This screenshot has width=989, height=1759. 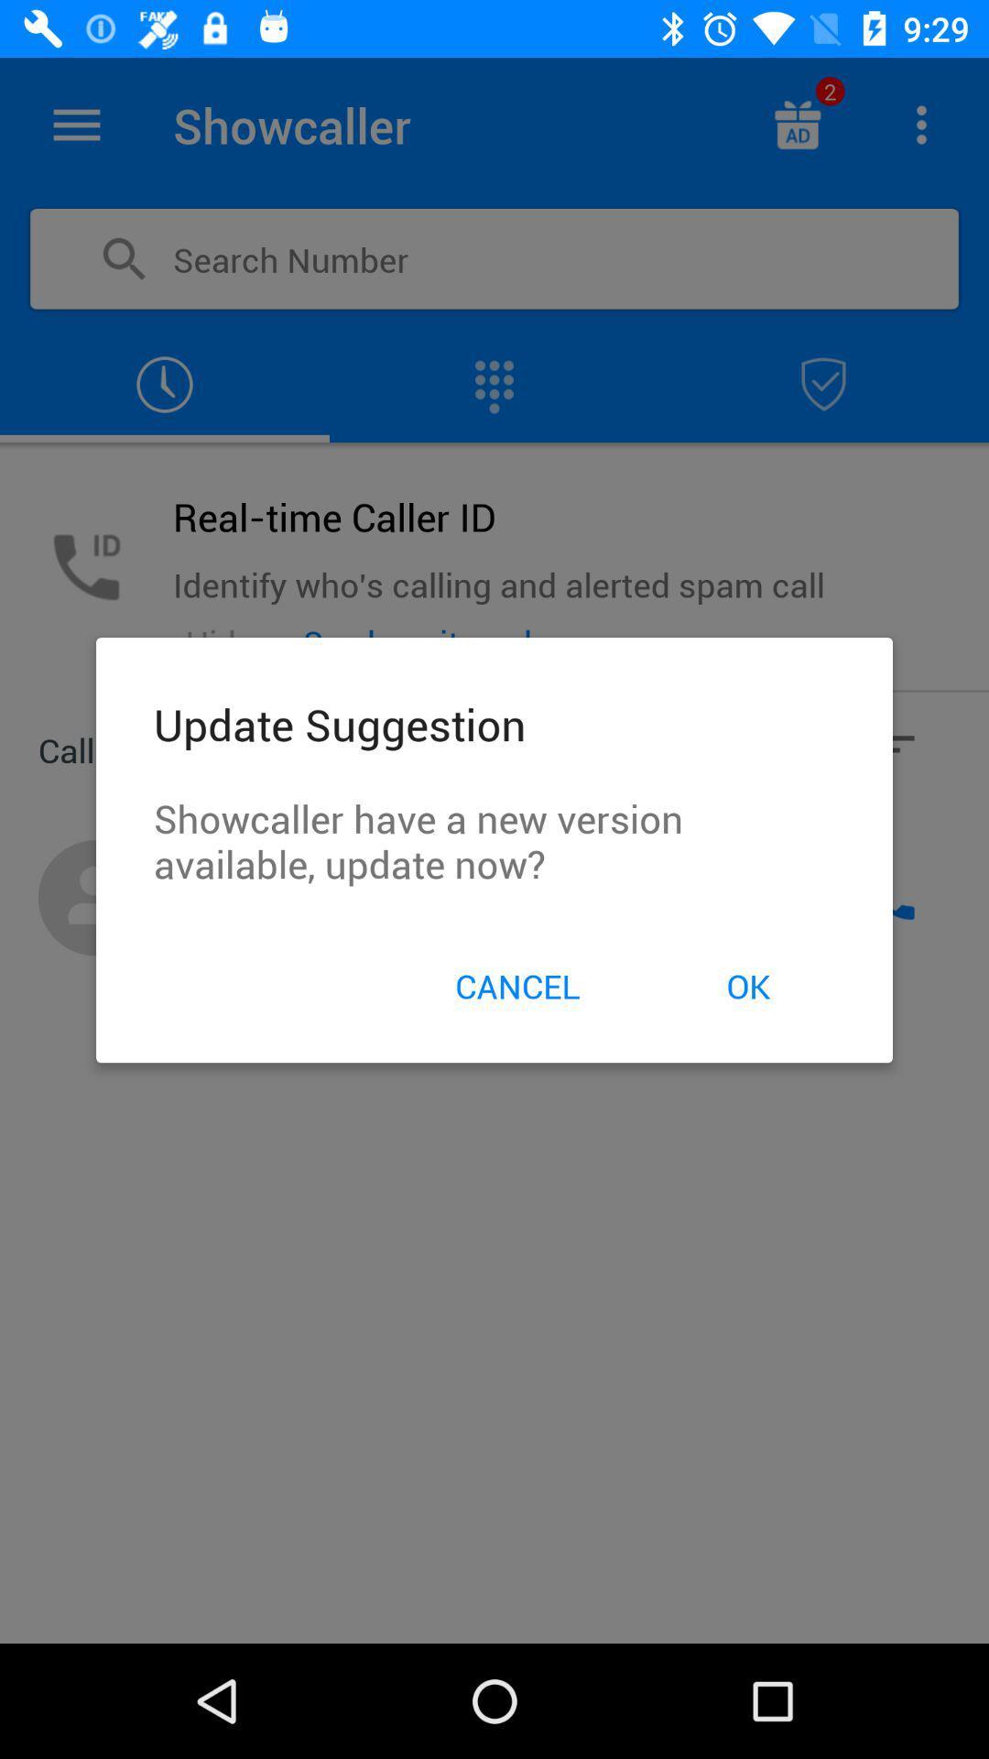 What do you see at coordinates (517, 985) in the screenshot?
I see `item to the left of ok icon` at bounding box center [517, 985].